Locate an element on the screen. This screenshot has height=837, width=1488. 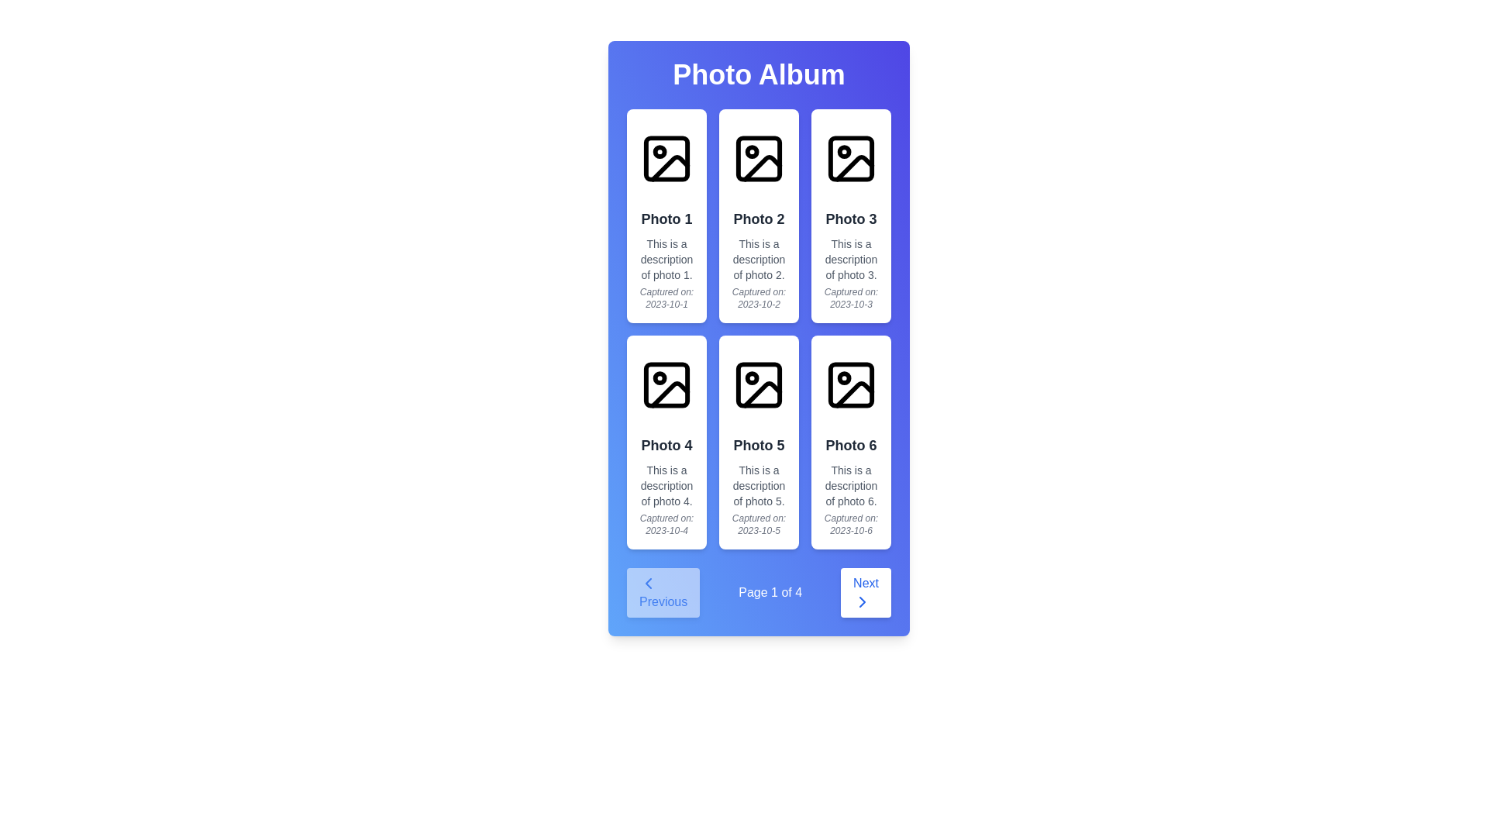
the text label that displays the current page number ('1') and the total number of pages ('4'), which is located centrally at the bottom of the layout between the 'Previous' and 'Next' buttons is located at coordinates (770, 592).